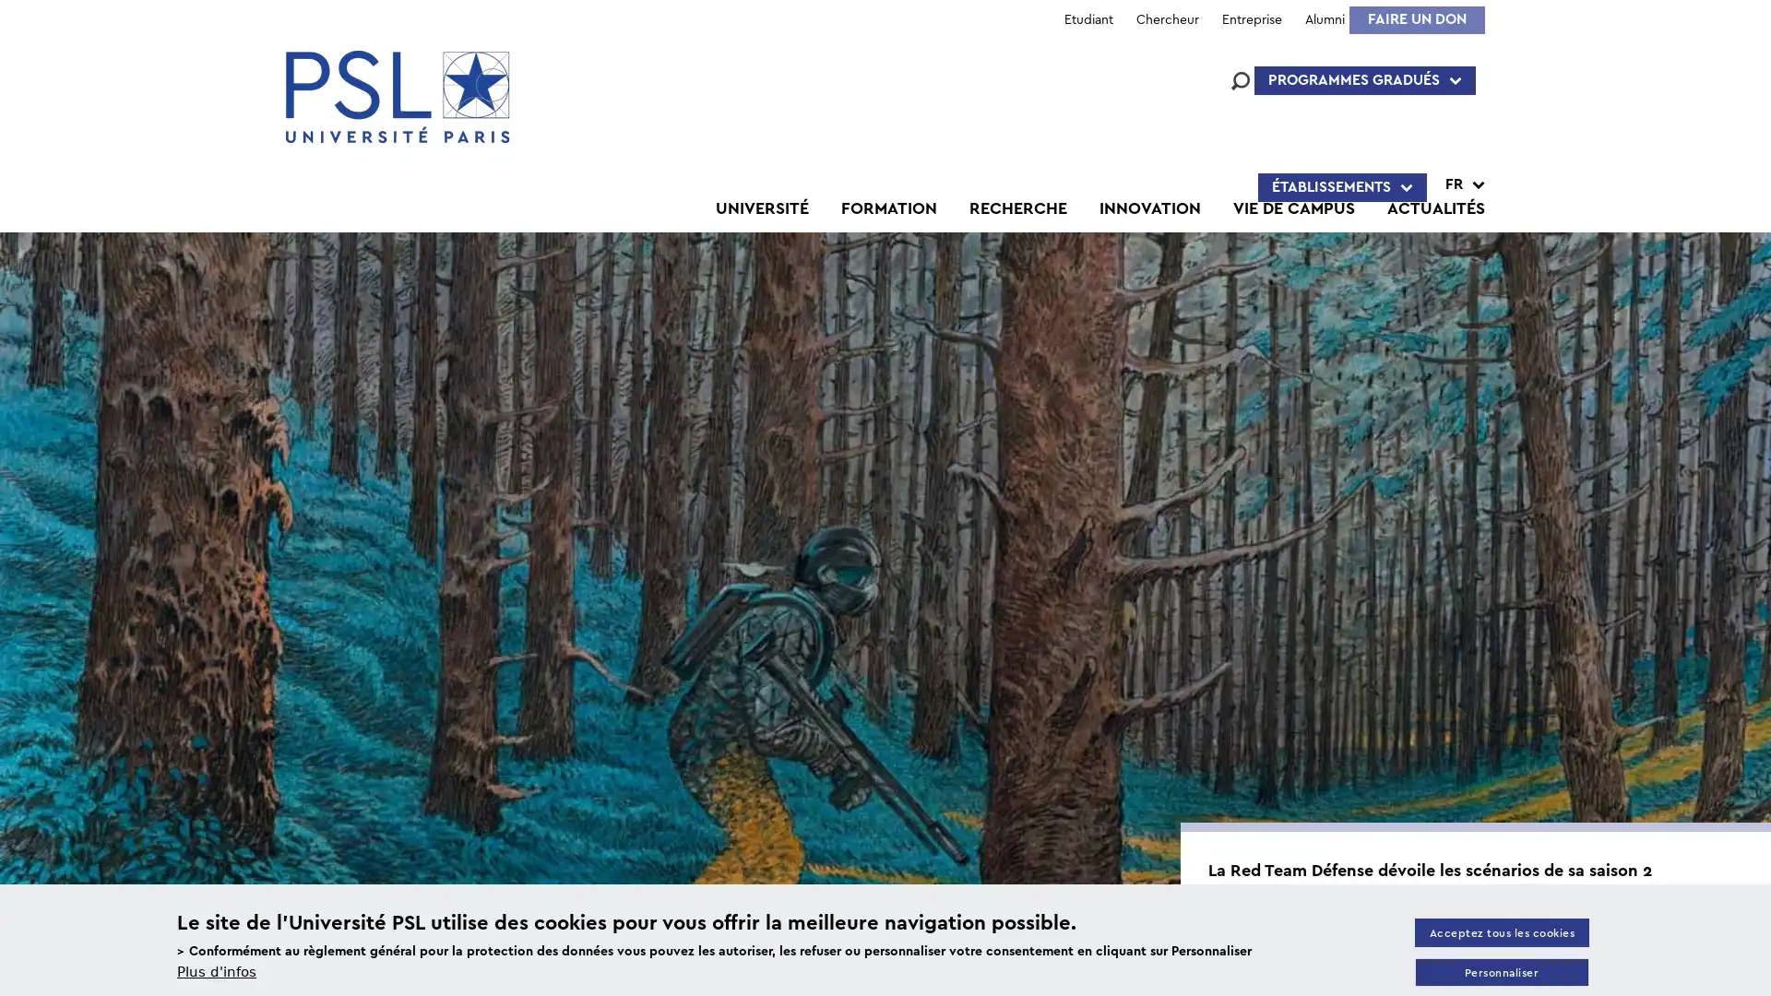 The width and height of the screenshot is (1771, 996). Describe the element at coordinates (1748, 180) in the screenshot. I see `Fermer` at that location.